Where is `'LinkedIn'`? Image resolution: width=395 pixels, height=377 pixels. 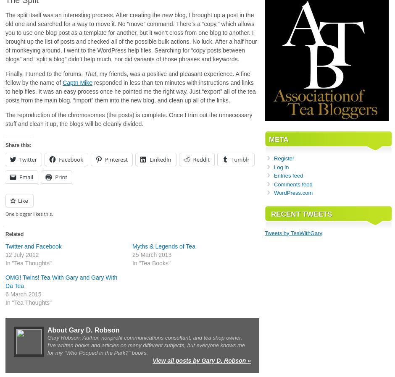
'LinkedIn' is located at coordinates (160, 160).